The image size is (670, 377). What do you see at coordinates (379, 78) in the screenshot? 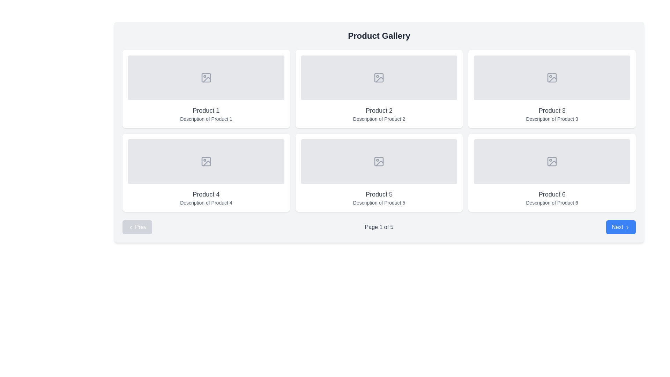
I see `the SVG rectangle that serves as a decorative placeholder icon for an image in the 'Product 2' tile, located in the second column of the first row of the Product Gallery` at bounding box center [379, 78].